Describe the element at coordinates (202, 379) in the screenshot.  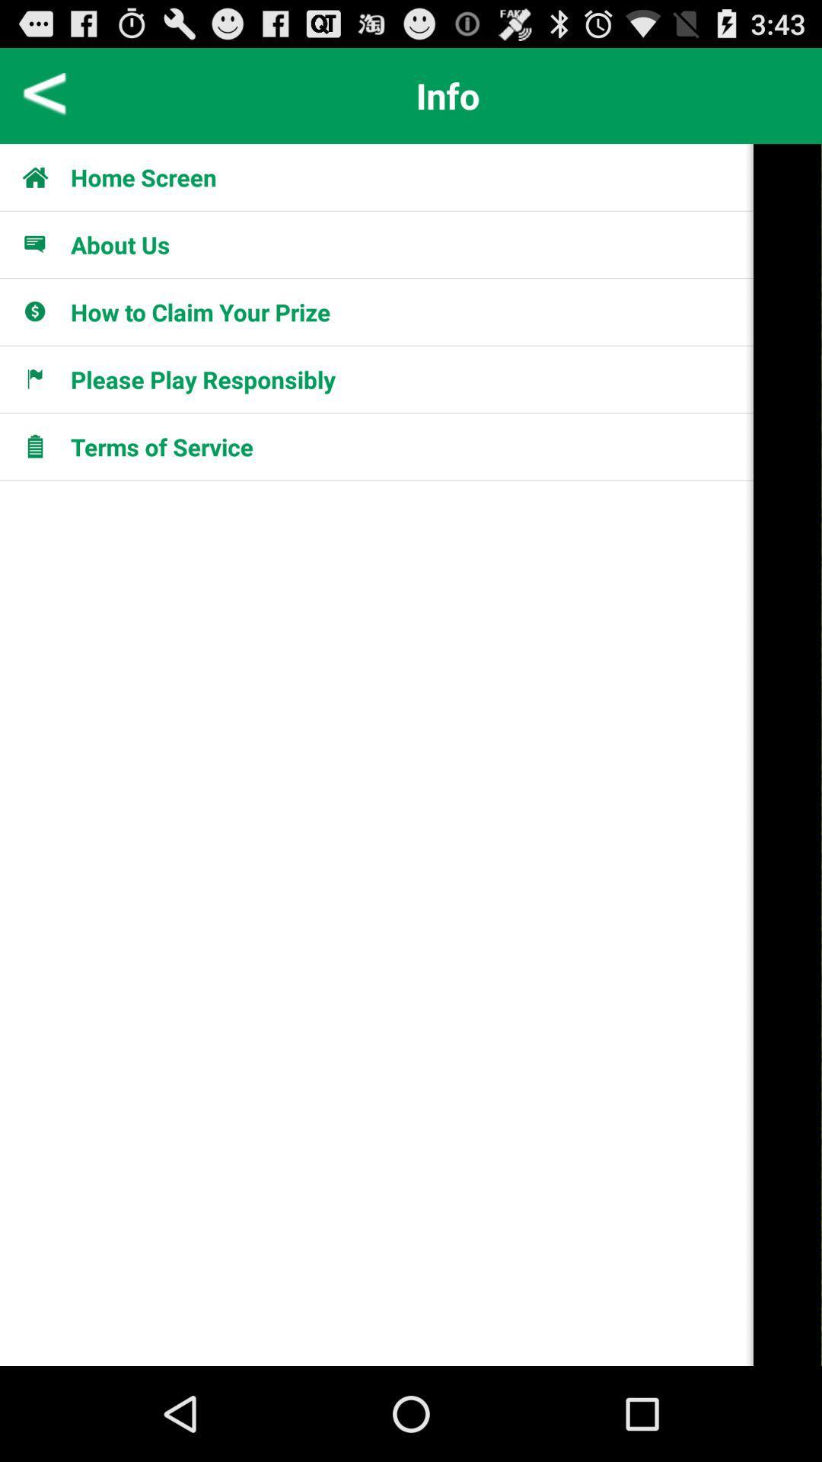
I see `the icon below the how to claim app` at that location.